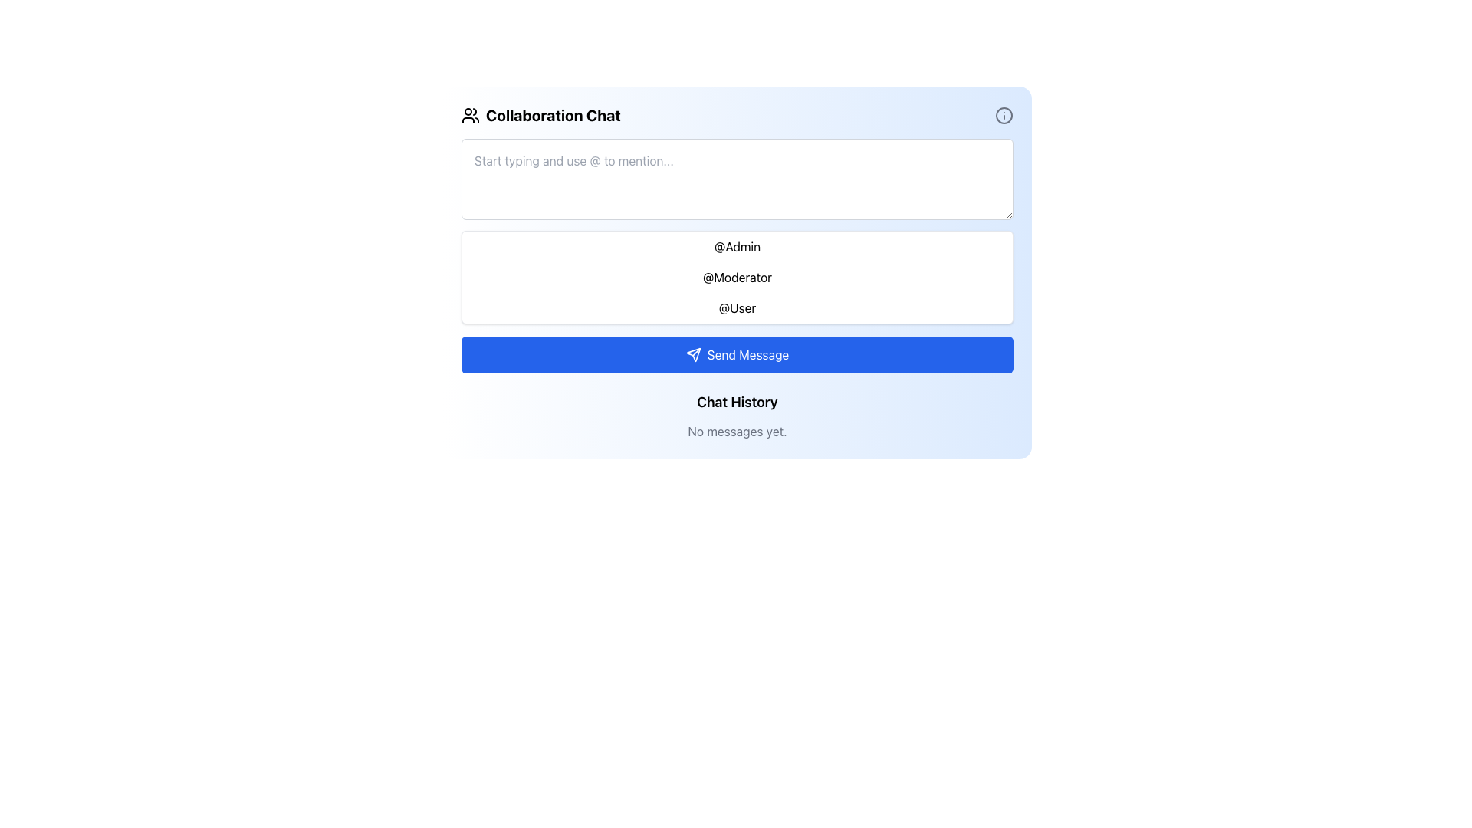 This screenshot has width=1472, height=828. I want to click on the send icon, which is a triangular design resembling a paper airplane, located inside the blue 'Send Message' button near the bottom center of the interface, so click(692, 354).